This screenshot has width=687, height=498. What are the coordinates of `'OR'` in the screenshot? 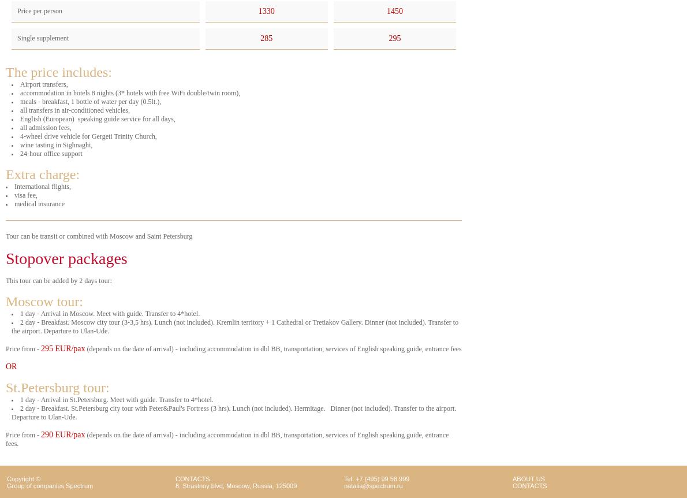 It's located at (10, 366).